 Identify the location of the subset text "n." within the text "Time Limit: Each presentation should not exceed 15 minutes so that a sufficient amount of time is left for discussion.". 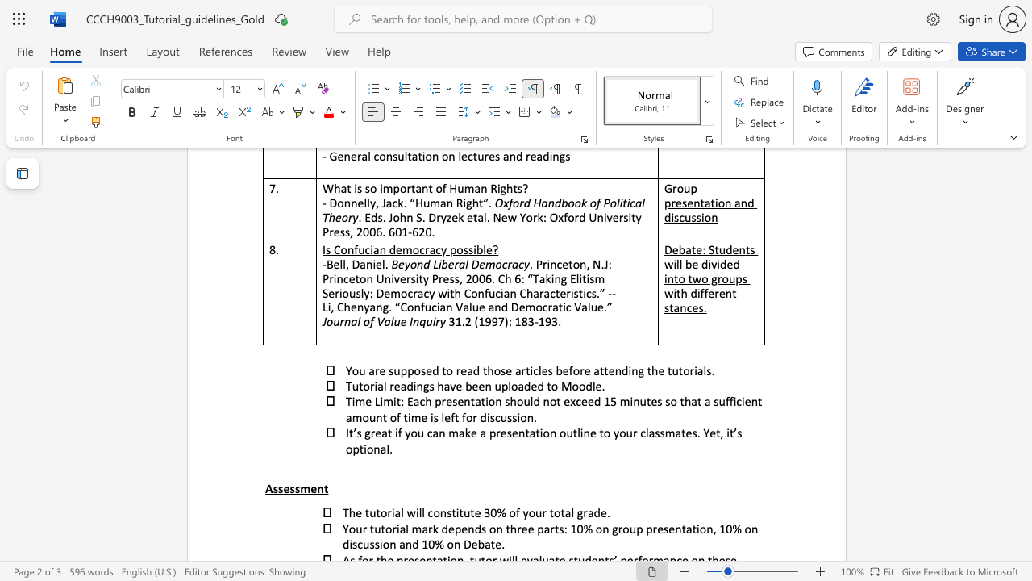
(526, 416).